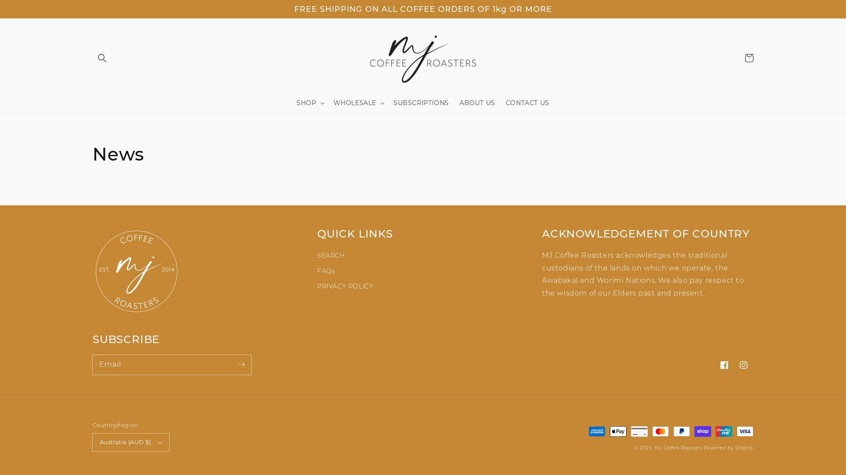 The image size is (846, 475). I want to click on 'Instagram', so click(743, 365).